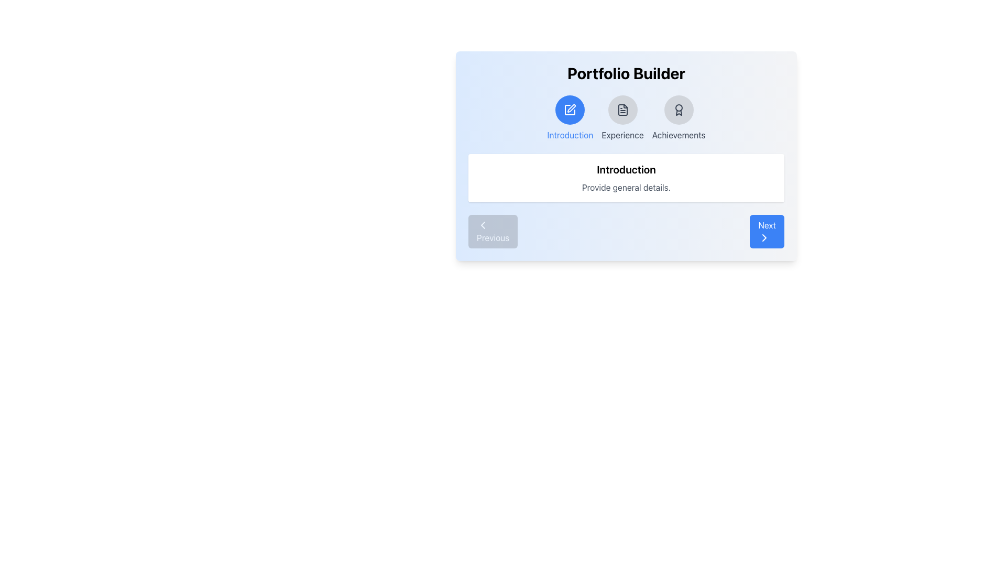 This screenshot has width=1006, height=566. I want to click on the 'Next' button, which is a rectangular button with a blue background, rounded corners, and features white text and a right-facing arrow icon, so click(767, 231).